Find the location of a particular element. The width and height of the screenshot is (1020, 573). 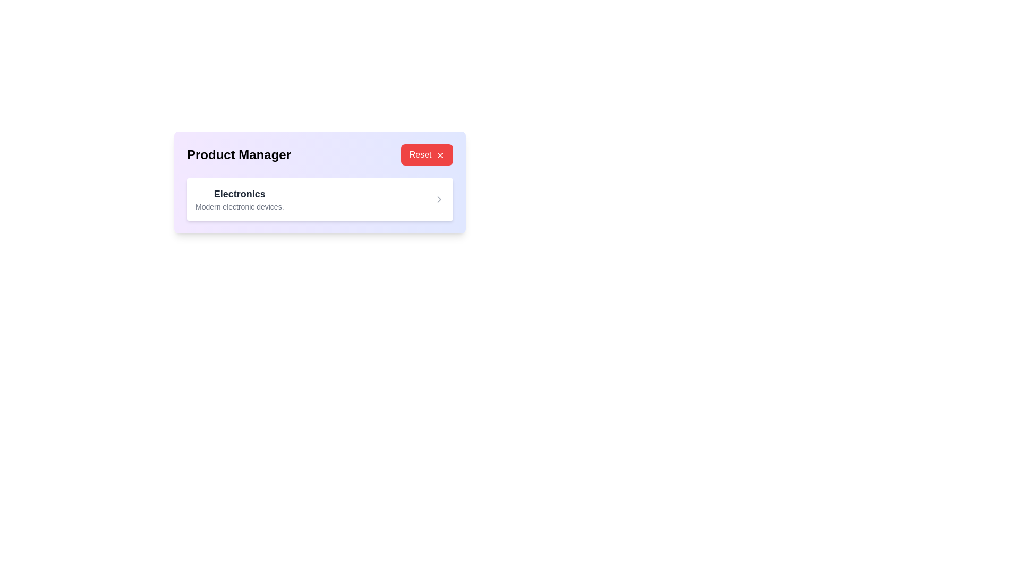

the text label that serves as the title for the 'Product Manager' section, located mid-right in the interface, which is the first line above 'Modern electronic devices.' is located at coordinates (239, 194).